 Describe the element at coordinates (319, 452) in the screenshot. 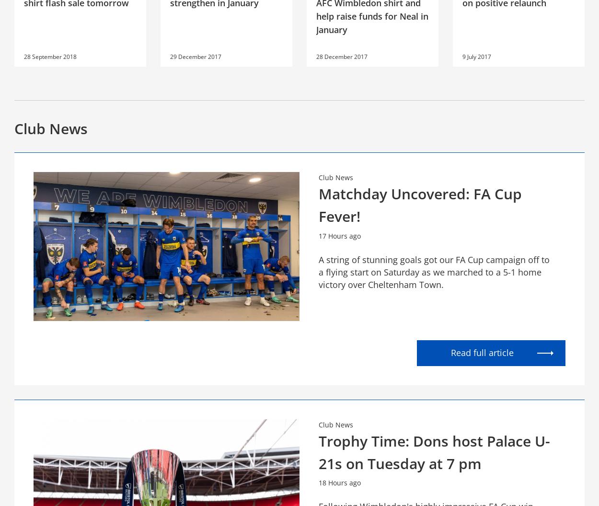

I see `'Trophy Time: Dons host Palace U-21s on Tuesday at 7 pm'` at that location.